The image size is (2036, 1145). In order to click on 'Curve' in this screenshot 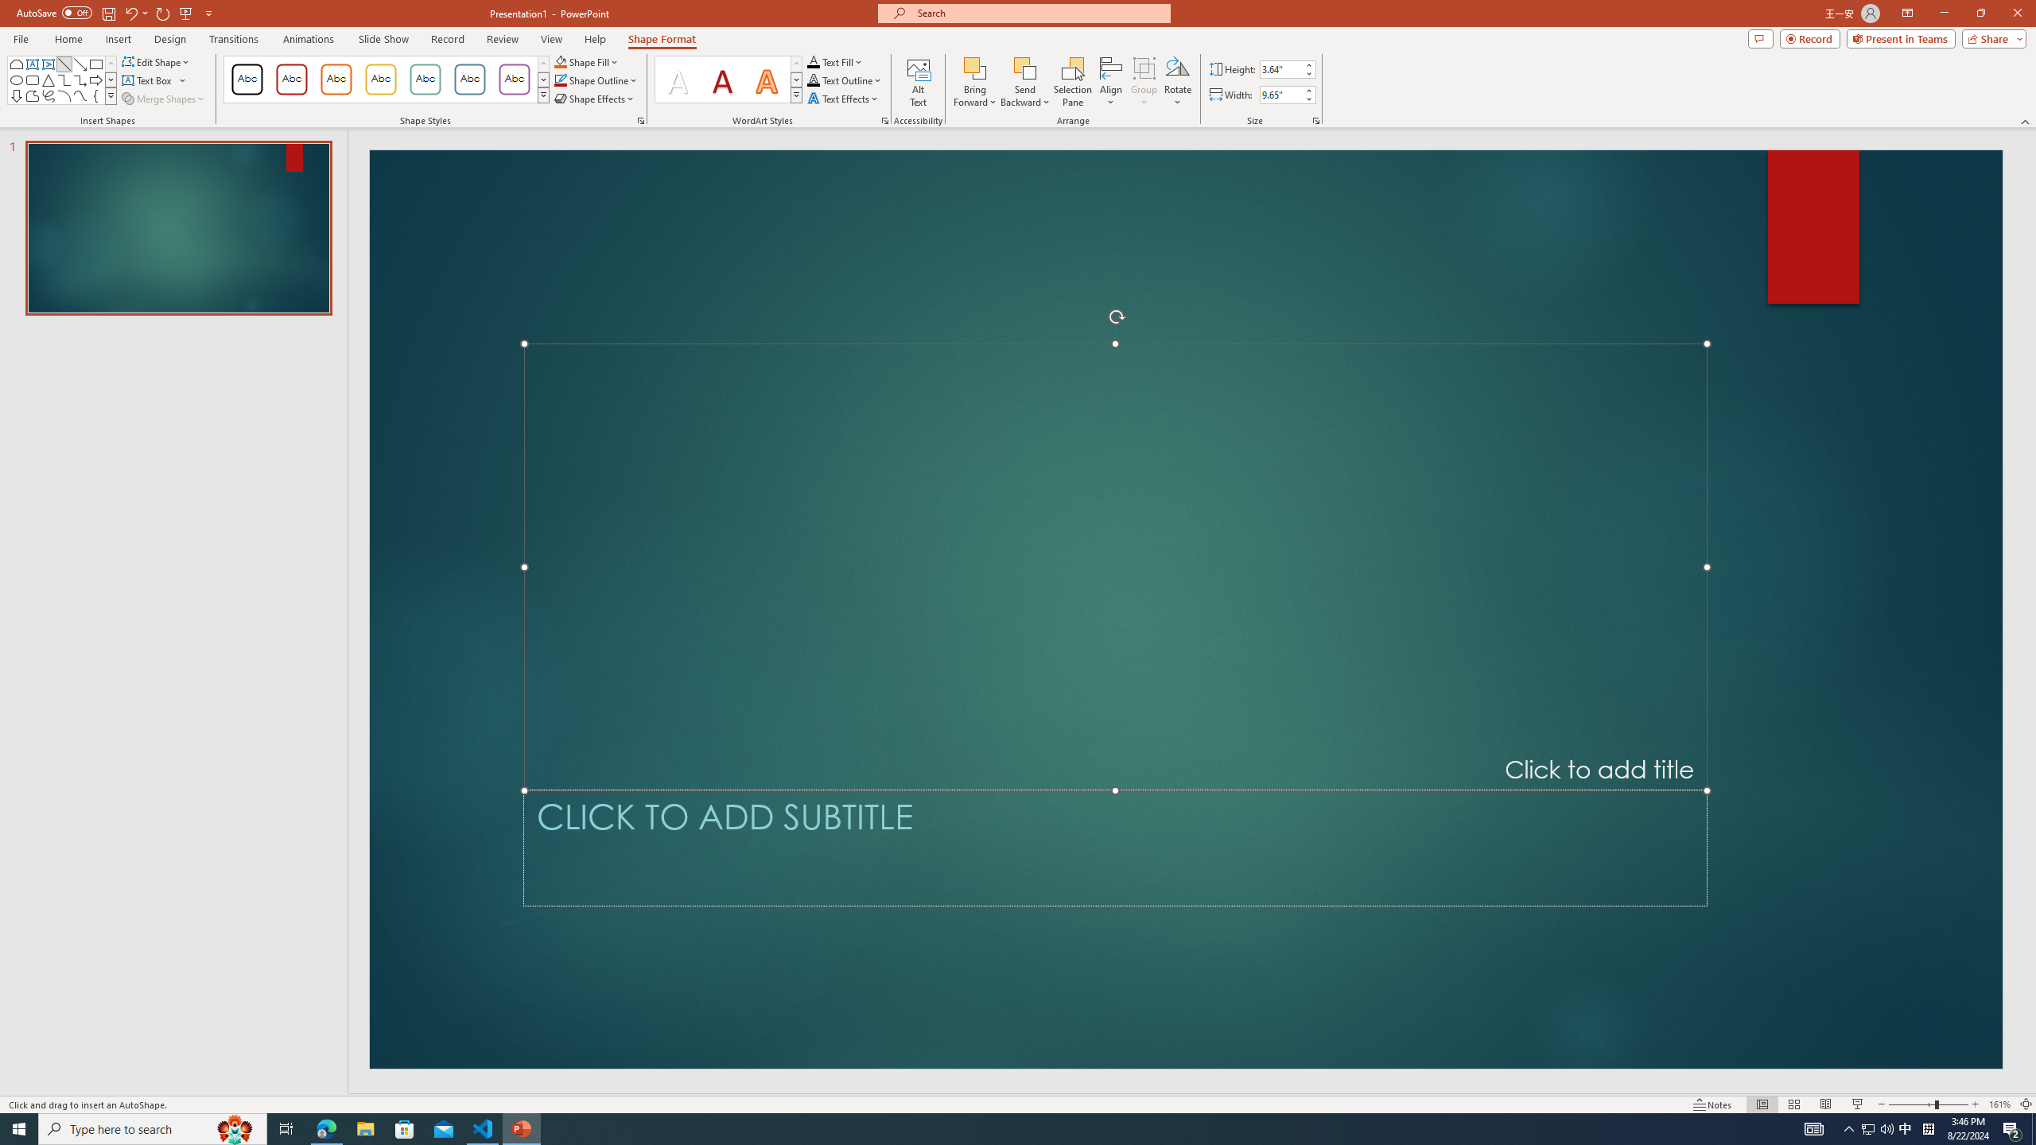, I will do `click(80, 95)`.